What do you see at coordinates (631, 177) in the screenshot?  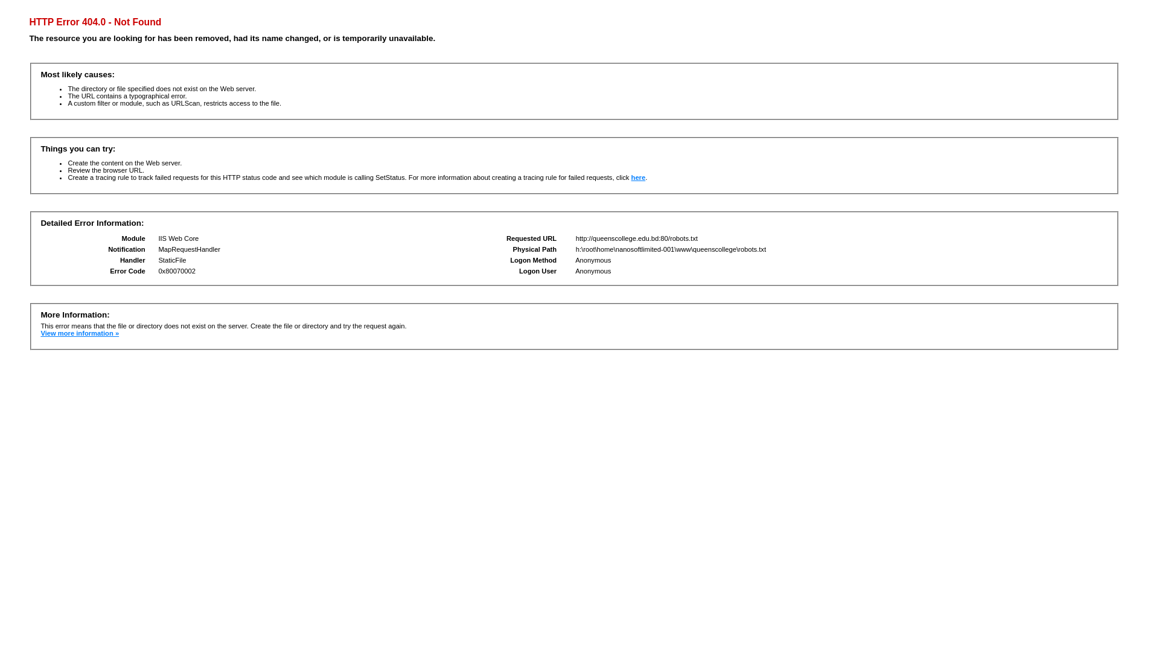 I see `'here'` at bounding box center [631, 177].